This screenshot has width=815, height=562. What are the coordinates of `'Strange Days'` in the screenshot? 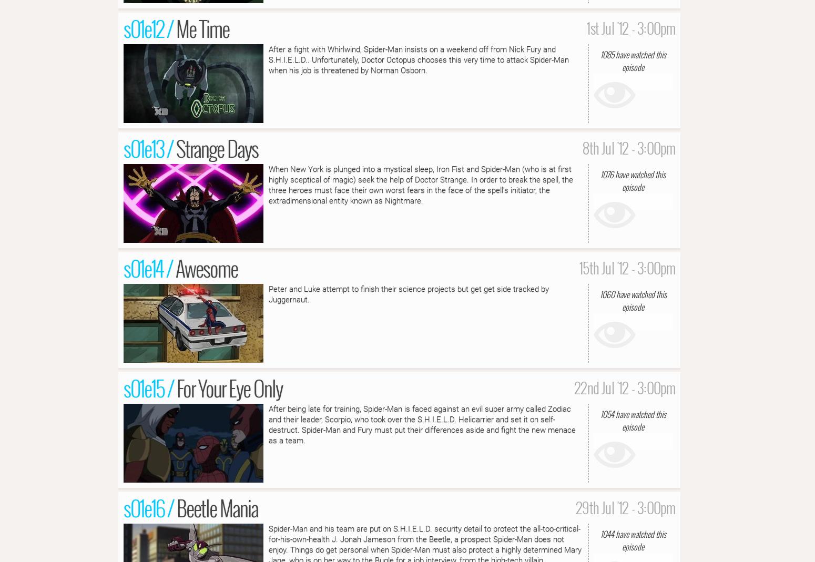 It's located at (217, 147).